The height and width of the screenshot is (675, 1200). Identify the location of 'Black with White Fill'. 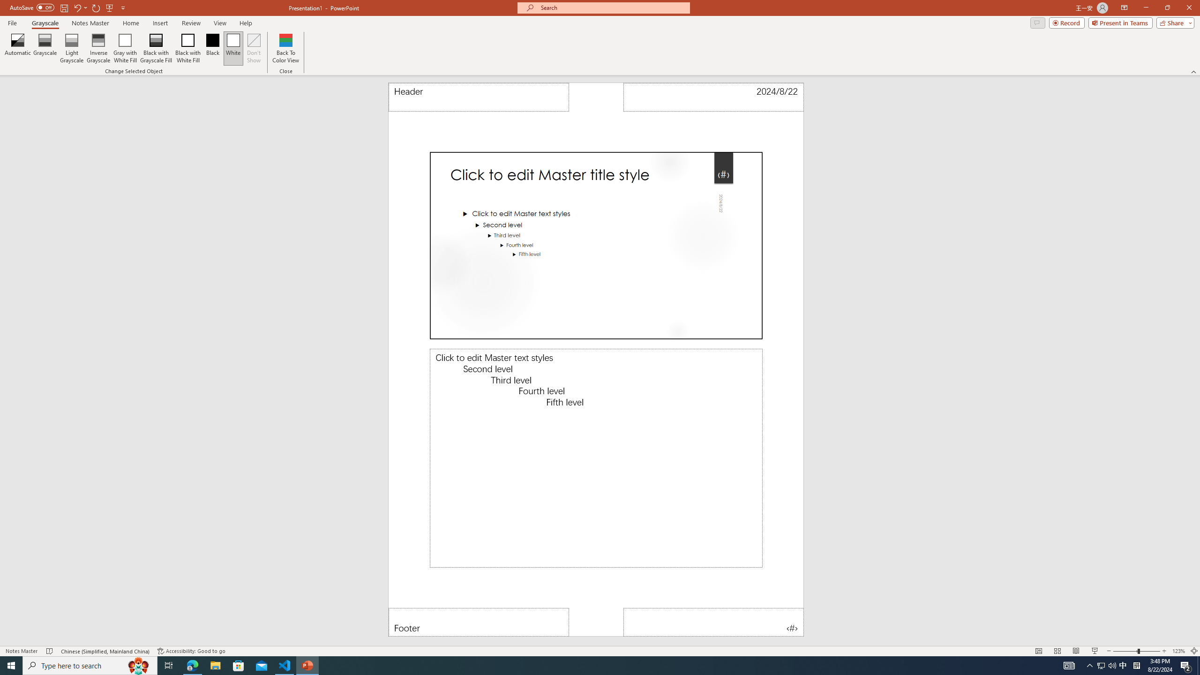
(187, 48).